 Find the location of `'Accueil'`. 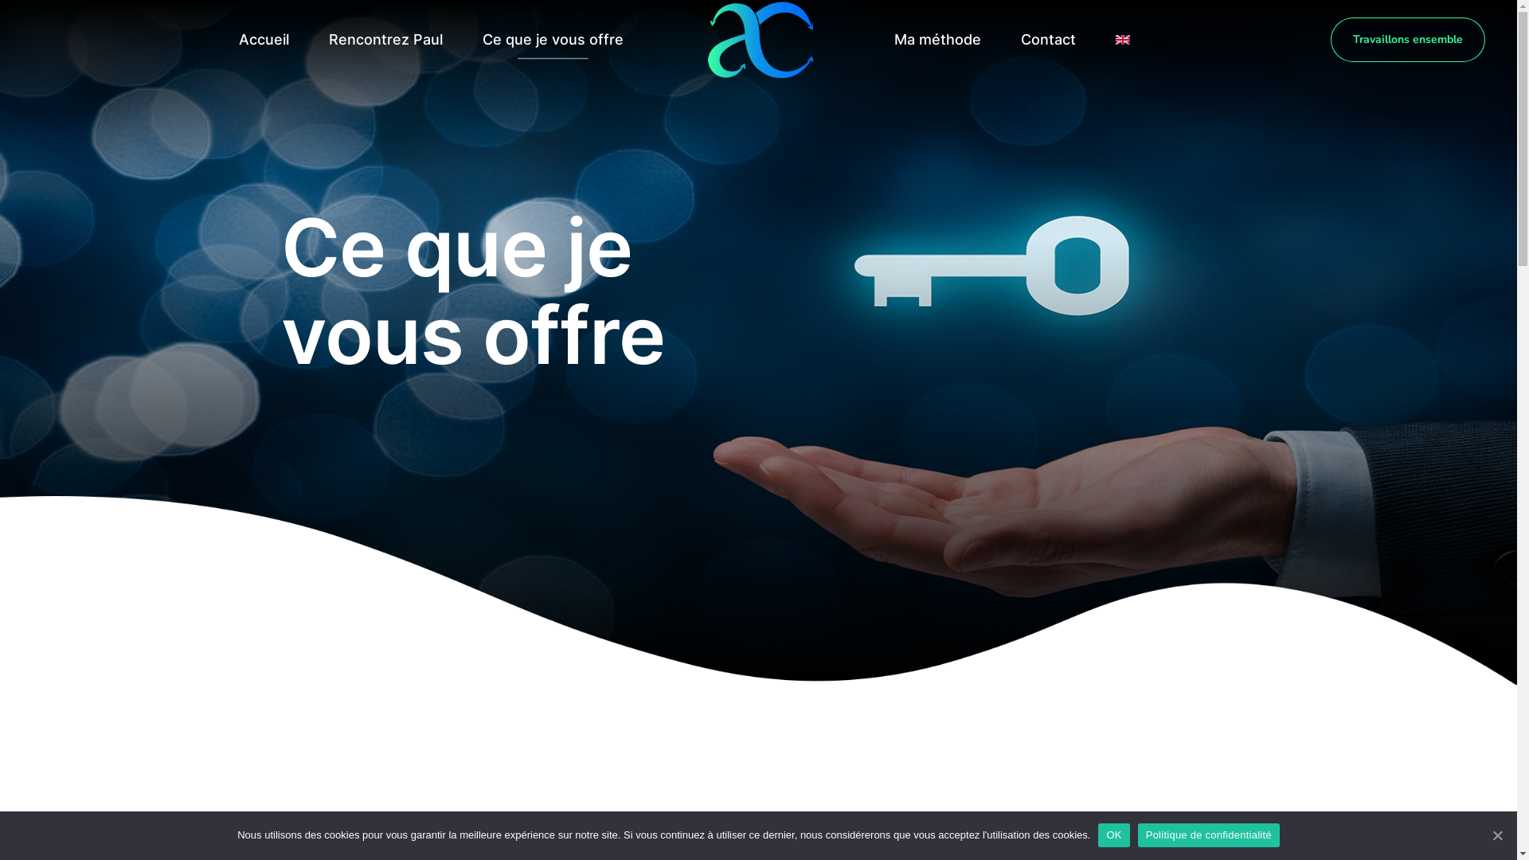

'Accueil' is located at coordinates (264, 39).